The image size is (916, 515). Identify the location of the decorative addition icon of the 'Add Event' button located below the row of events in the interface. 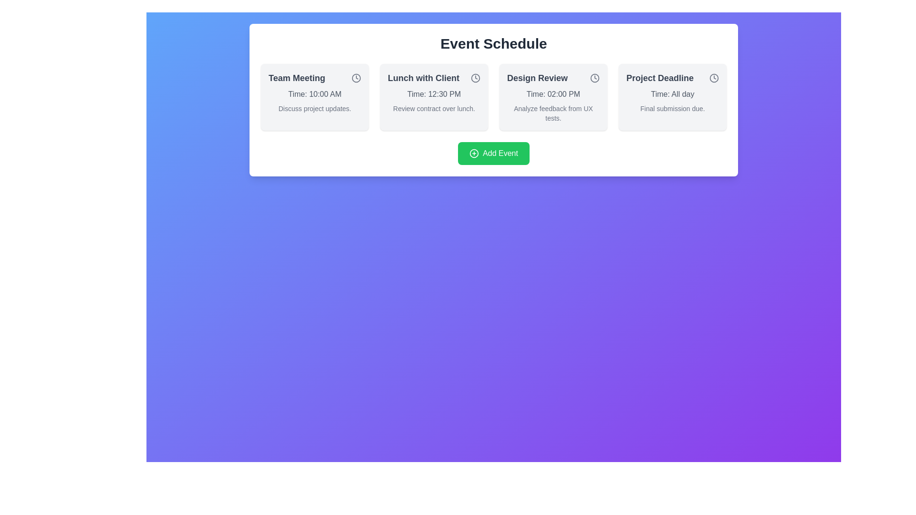
(474, 153).